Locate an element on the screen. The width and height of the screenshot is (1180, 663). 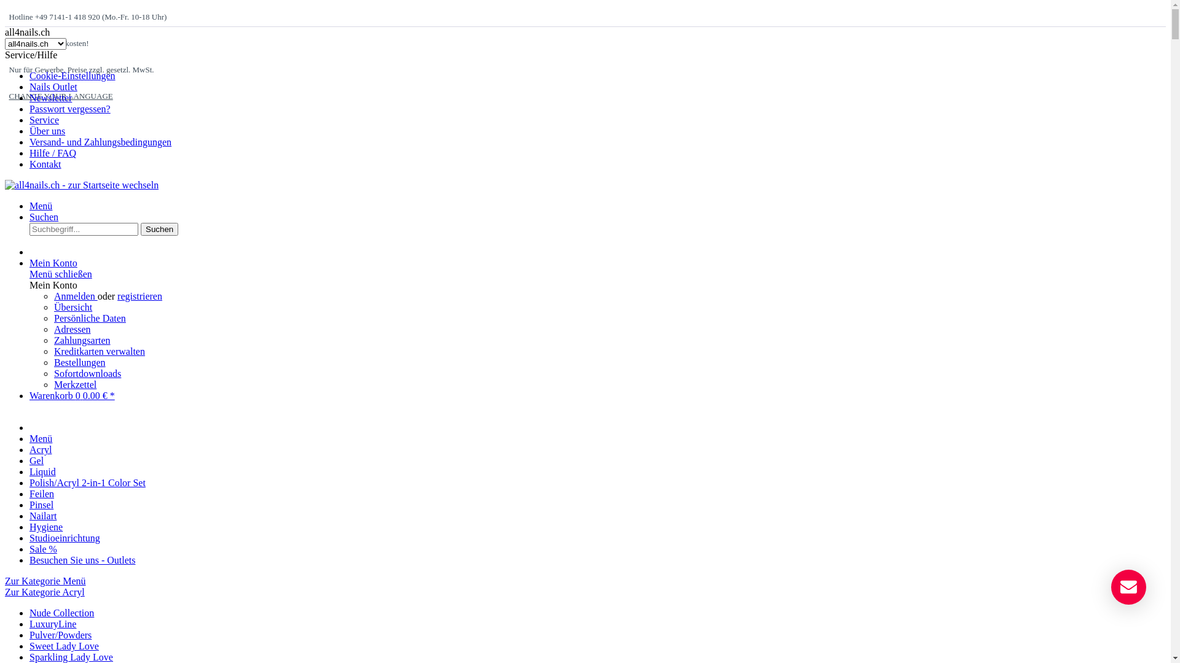
'Zahlungsarten' is located at coordinates (82, 340).